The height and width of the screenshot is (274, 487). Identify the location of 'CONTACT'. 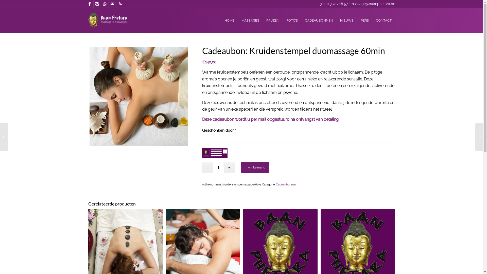
(384, 20).